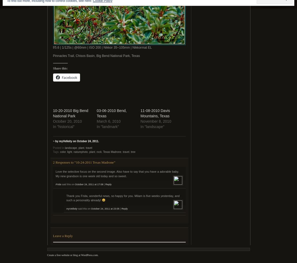 The image size is (297, 263). I want to click on 'f/5.6 | 1/125s | @60mm | ISO 200 | Nikkor 35~105mm | Nikkormat EL', so click(102, 48).